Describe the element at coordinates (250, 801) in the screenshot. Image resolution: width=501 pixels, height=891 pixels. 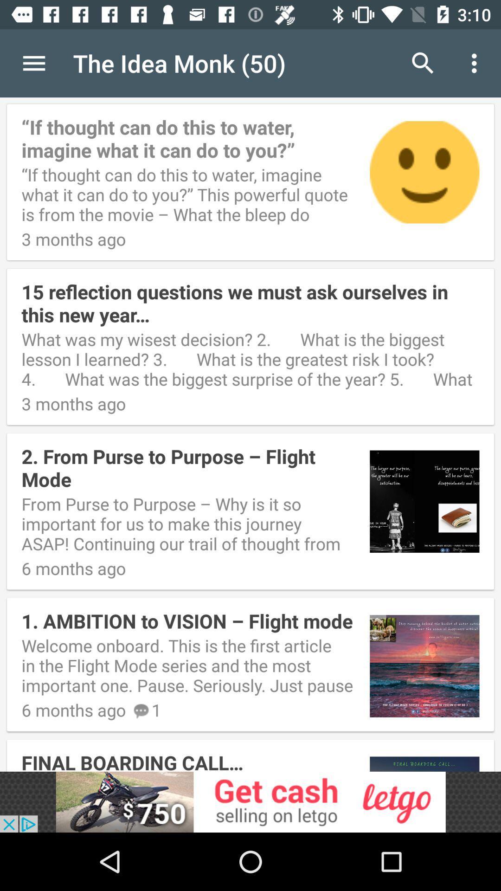
I see `advertisement for a platform letgo` at that location.